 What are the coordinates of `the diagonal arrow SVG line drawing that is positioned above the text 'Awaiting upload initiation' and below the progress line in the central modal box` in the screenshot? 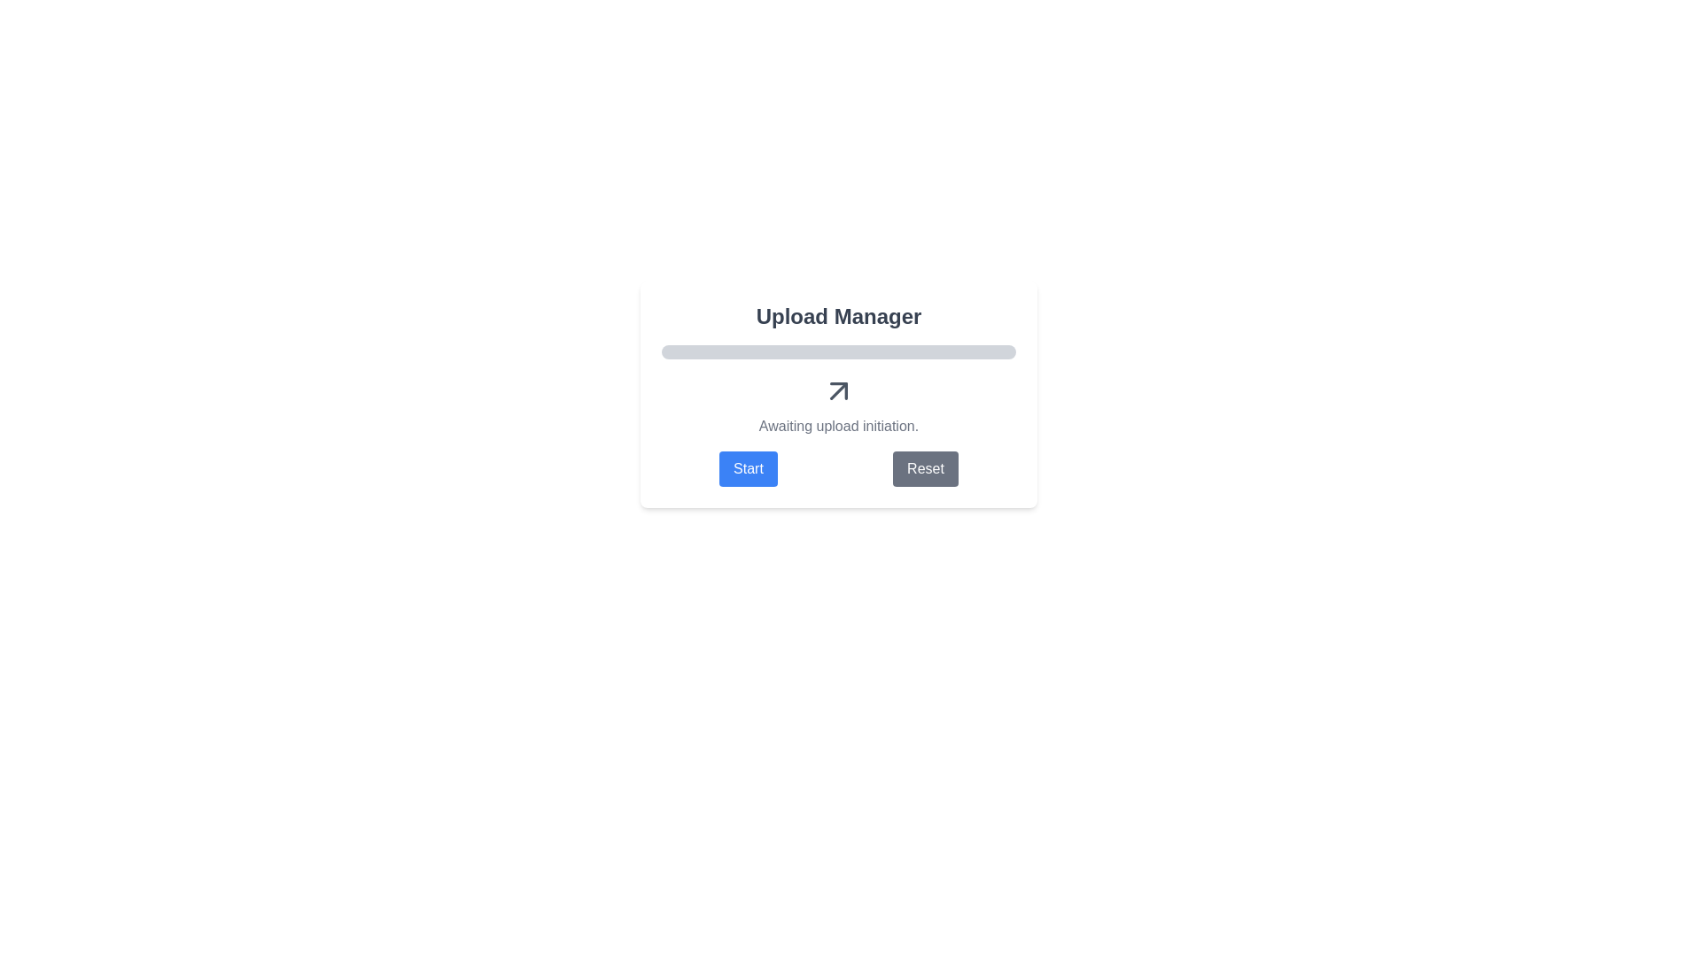 It's located at (837, 390).